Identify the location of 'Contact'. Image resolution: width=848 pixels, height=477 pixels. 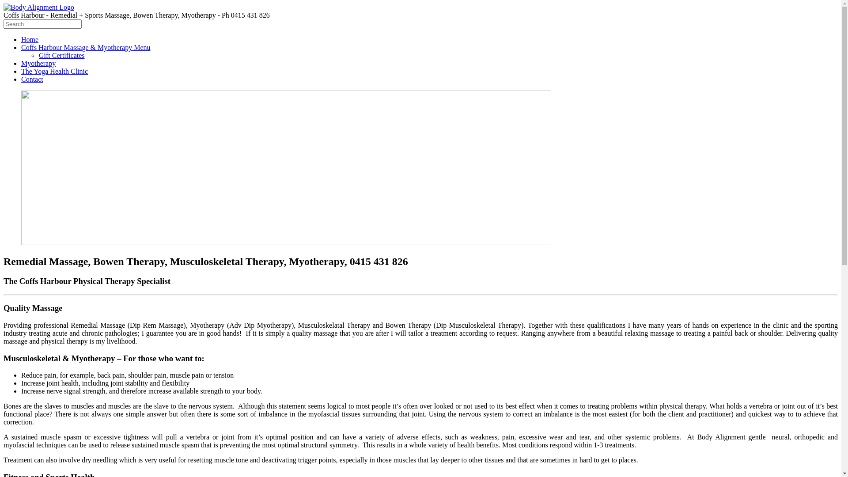
(21, 79).